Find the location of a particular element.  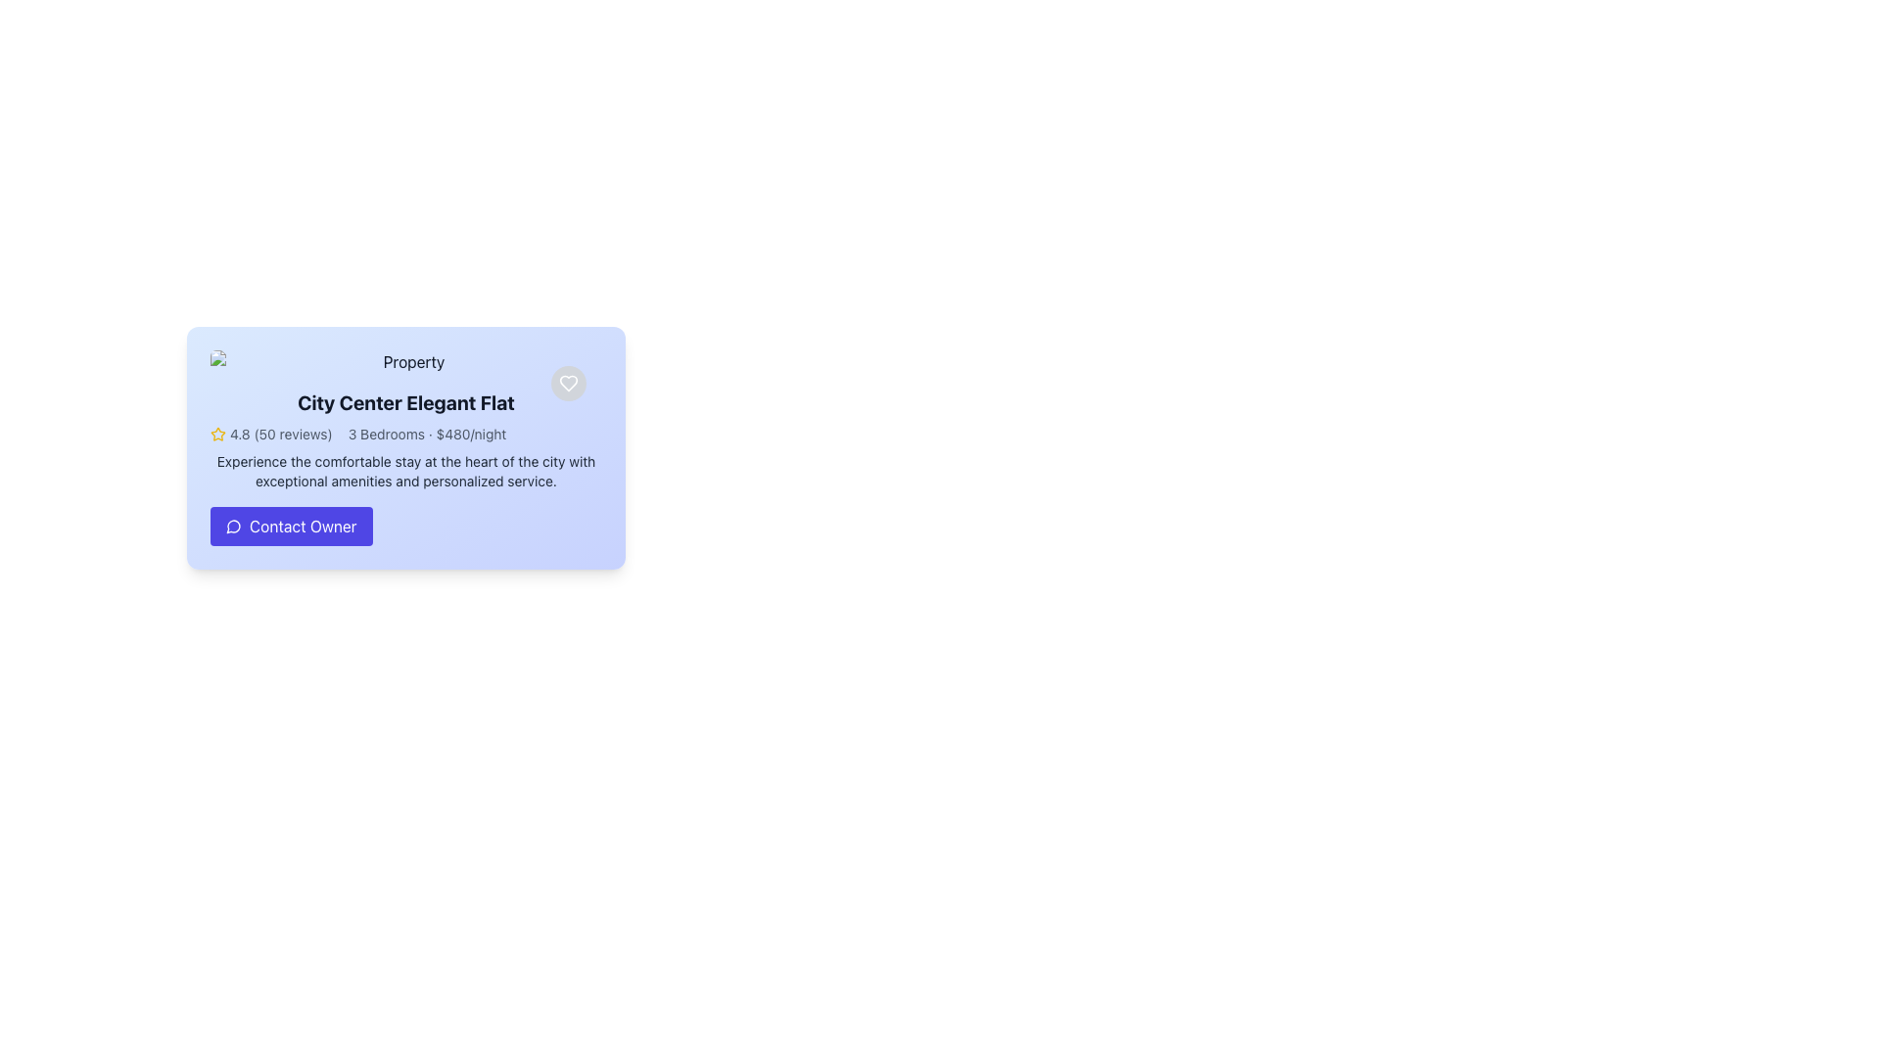

textual content that describes the 'City Center Elegant Flat', which is styled in a smaller gray font and contains the message about the comfortable stay and amenities is located at coordinates (404, 472).